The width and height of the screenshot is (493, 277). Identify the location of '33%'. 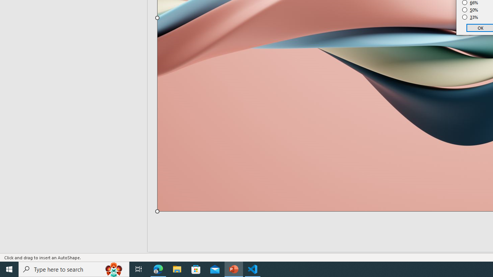
(470, 17).